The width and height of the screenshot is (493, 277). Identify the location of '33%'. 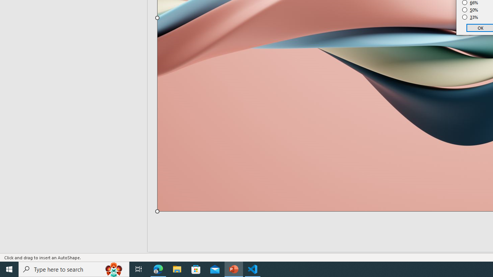
(470, 17).